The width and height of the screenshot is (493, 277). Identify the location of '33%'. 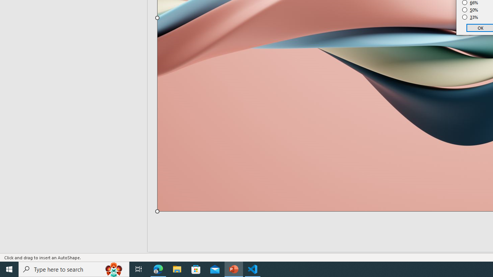
(470, 17).